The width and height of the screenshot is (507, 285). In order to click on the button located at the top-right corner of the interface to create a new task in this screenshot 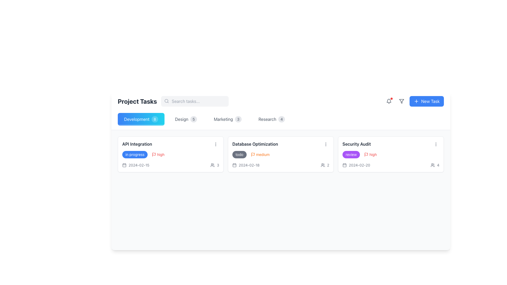, I will do `click(427, 101)`.